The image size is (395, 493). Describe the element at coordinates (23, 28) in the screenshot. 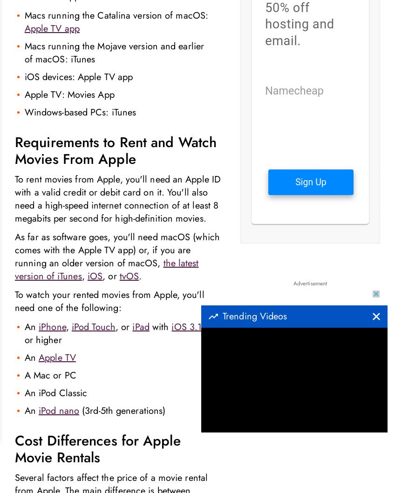

I see `'Apple TV app'` at that location.